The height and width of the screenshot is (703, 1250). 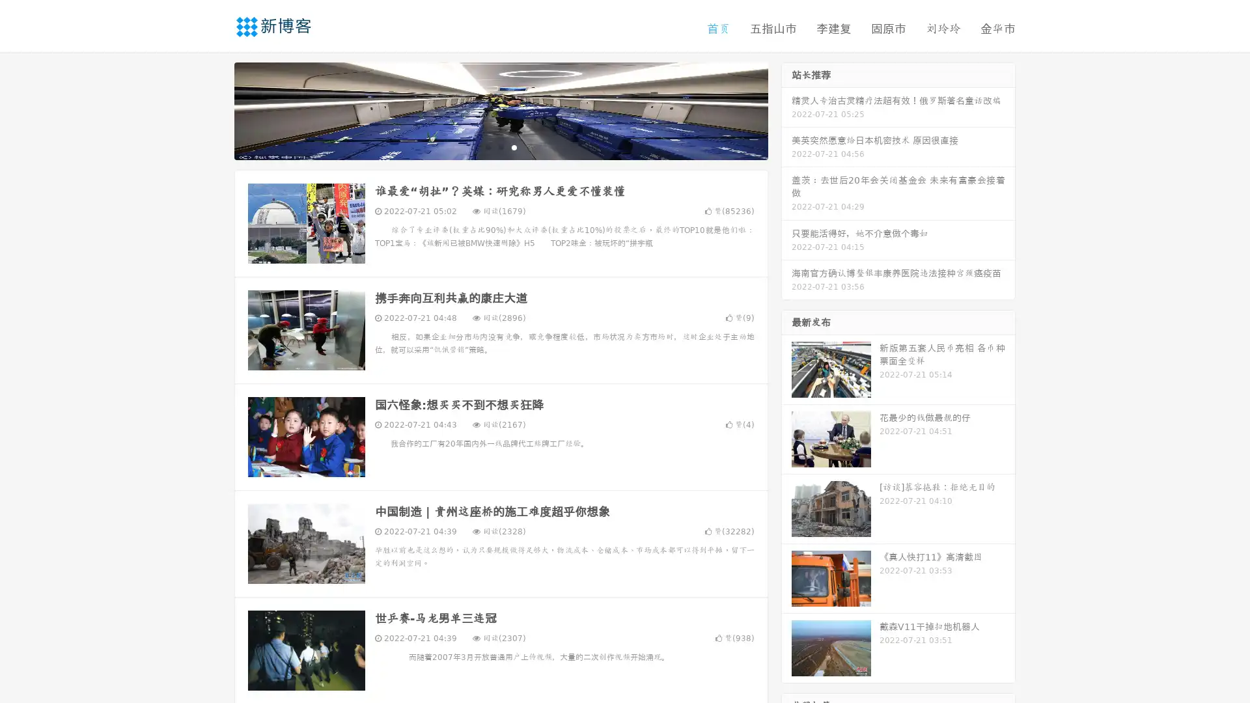 What do you see at coordinates (215, 109) in the screenshot?
I see `Previous slide` at bounding box center [215, 109].